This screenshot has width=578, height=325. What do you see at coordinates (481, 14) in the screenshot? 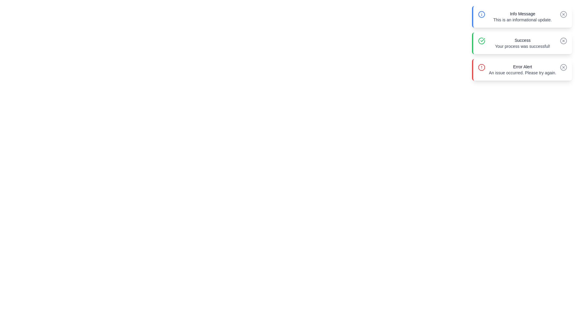
I see `the circular icon with a blue border and white interior located at the top left of the 'Info Message' card by clicking on it` at bounding box center [481, 14].